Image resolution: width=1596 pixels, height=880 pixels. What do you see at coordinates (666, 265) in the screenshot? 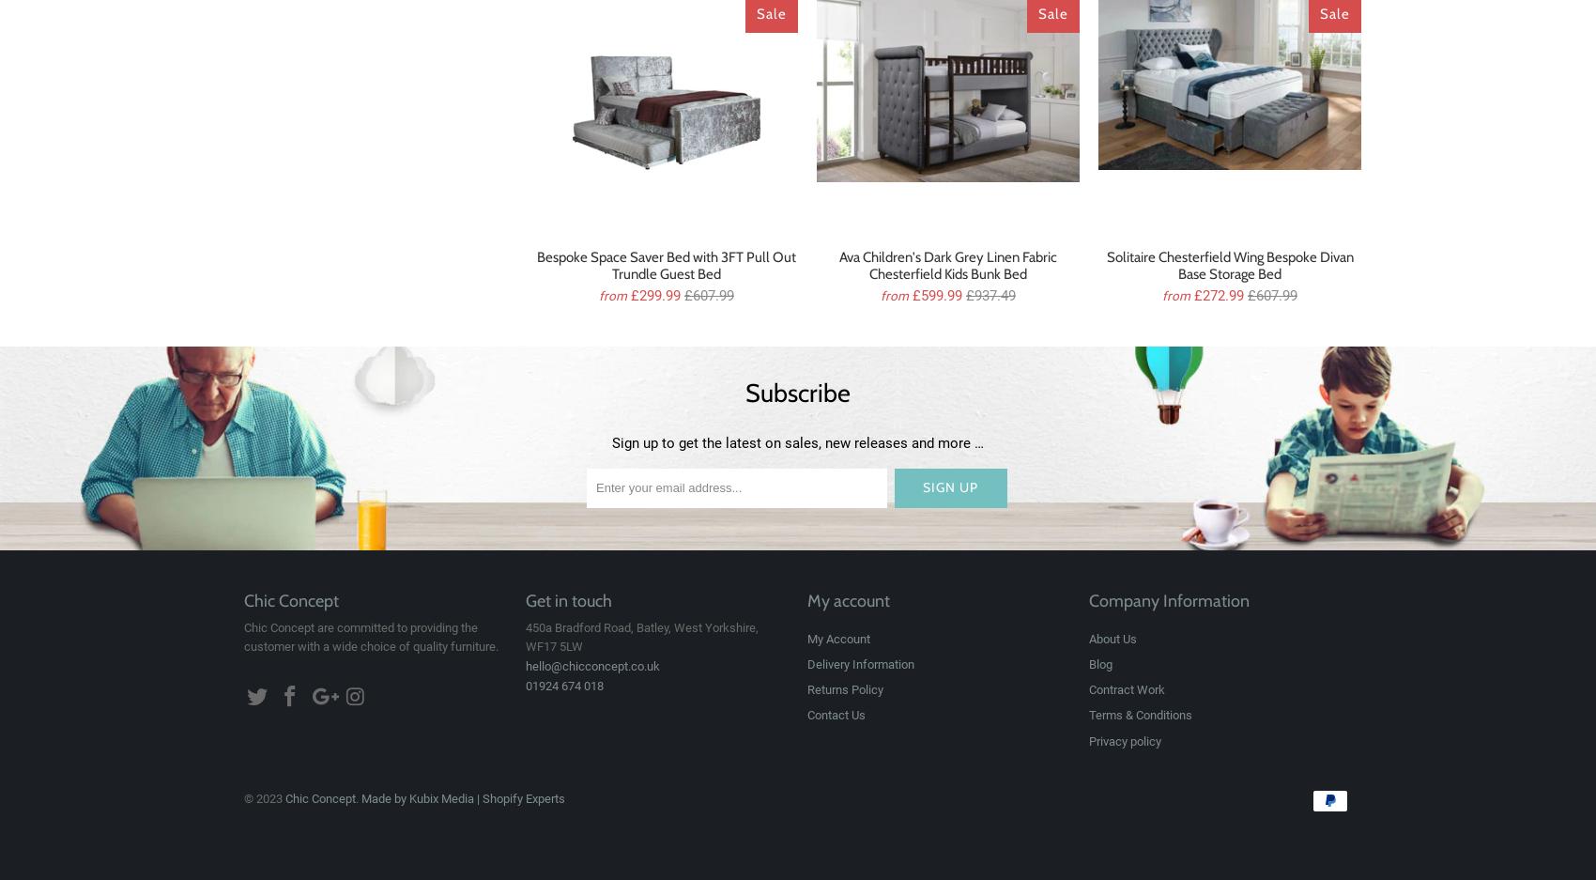
I see `'Bespoke Space Saver Bed with 3FT Pull Out Trundle Guest Bed'` at bounding box center [666, 265].